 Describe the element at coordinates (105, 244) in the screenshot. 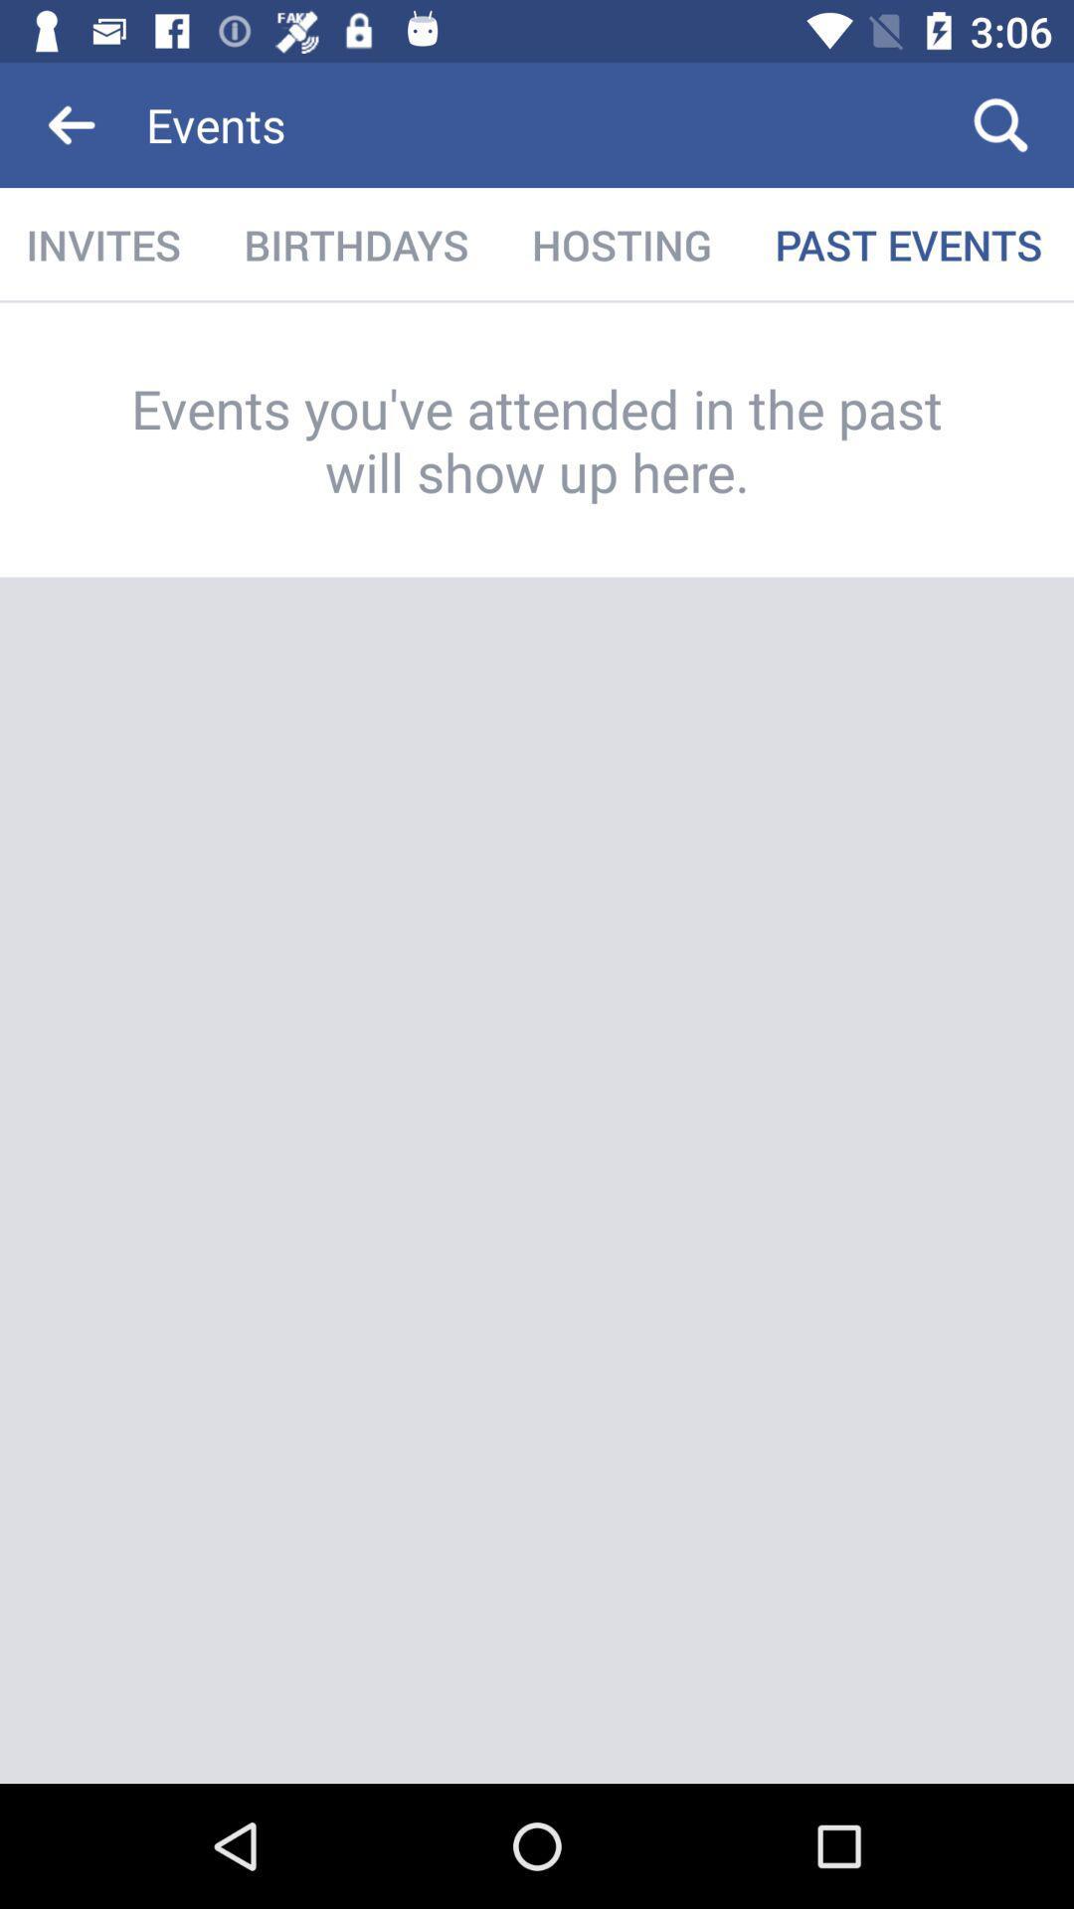

I see `icon to the left of the birthdays item` at that location.